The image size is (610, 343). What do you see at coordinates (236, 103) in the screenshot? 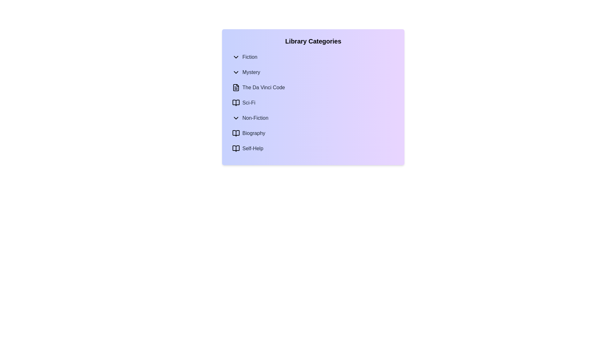
I see `the Sci-Fi category icon located to the left of the 'Sci-Fi' text label in the Library Categories list` at bounding box center [236, 103].